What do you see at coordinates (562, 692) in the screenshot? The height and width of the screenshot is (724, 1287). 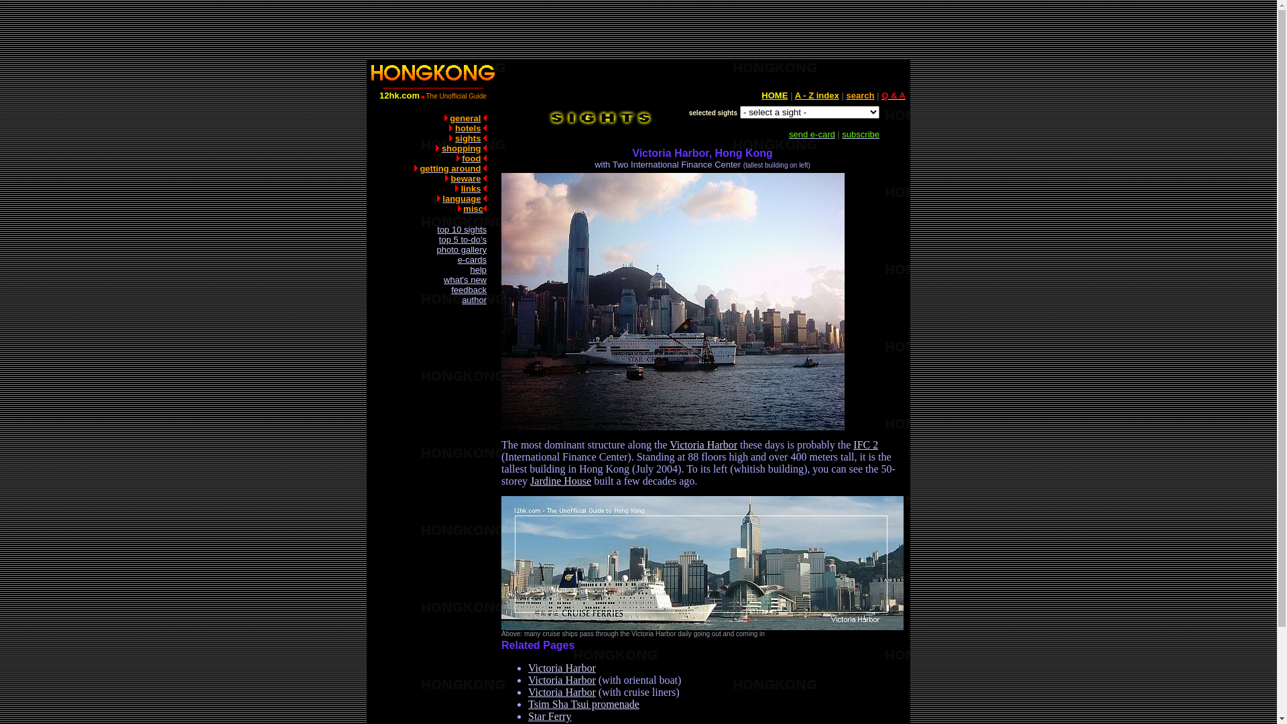 I see `'Victoria Harbor'` at bounding box center [562, 692].